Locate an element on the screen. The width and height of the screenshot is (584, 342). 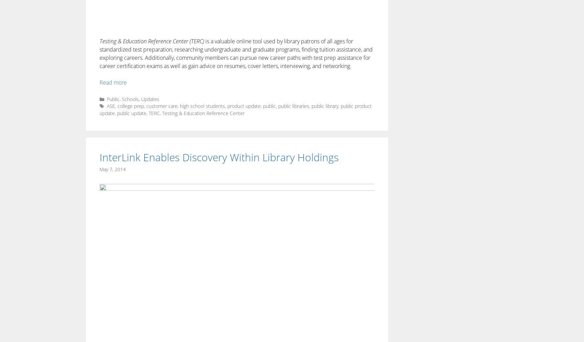
'InterLink Enables Discovery Within Library Holdings' is located at coordinates (219, 157).